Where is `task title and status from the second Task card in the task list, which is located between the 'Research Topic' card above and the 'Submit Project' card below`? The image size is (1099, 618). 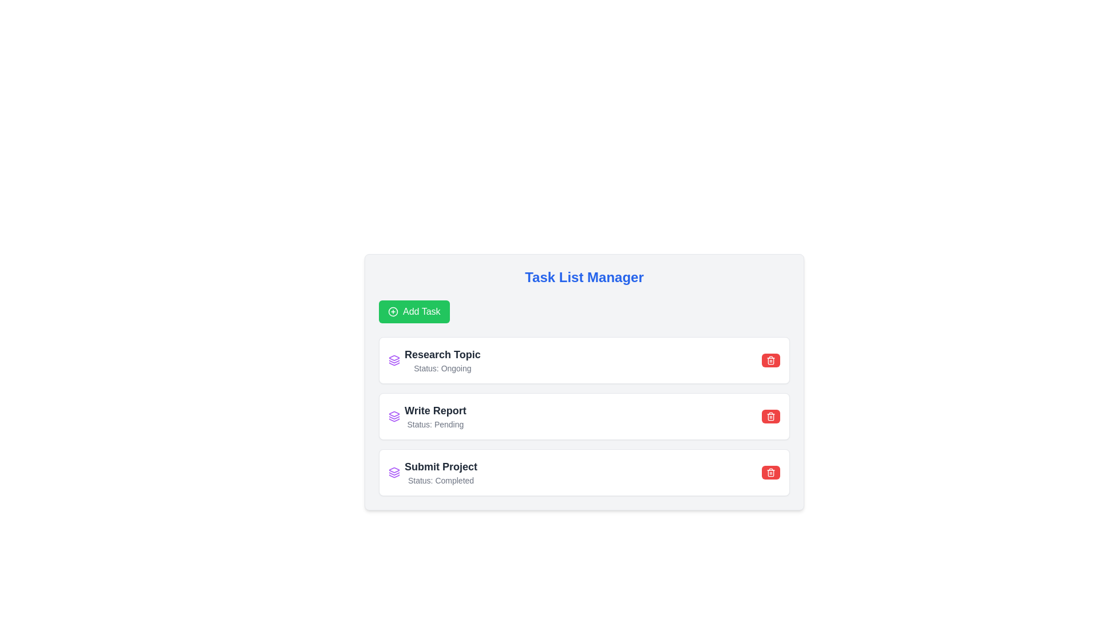 task title and status from the second Task card in the task list, which is located between the 'Research Topic' card above and the 'Submit Project' card below is located at coordinates (584, 417).